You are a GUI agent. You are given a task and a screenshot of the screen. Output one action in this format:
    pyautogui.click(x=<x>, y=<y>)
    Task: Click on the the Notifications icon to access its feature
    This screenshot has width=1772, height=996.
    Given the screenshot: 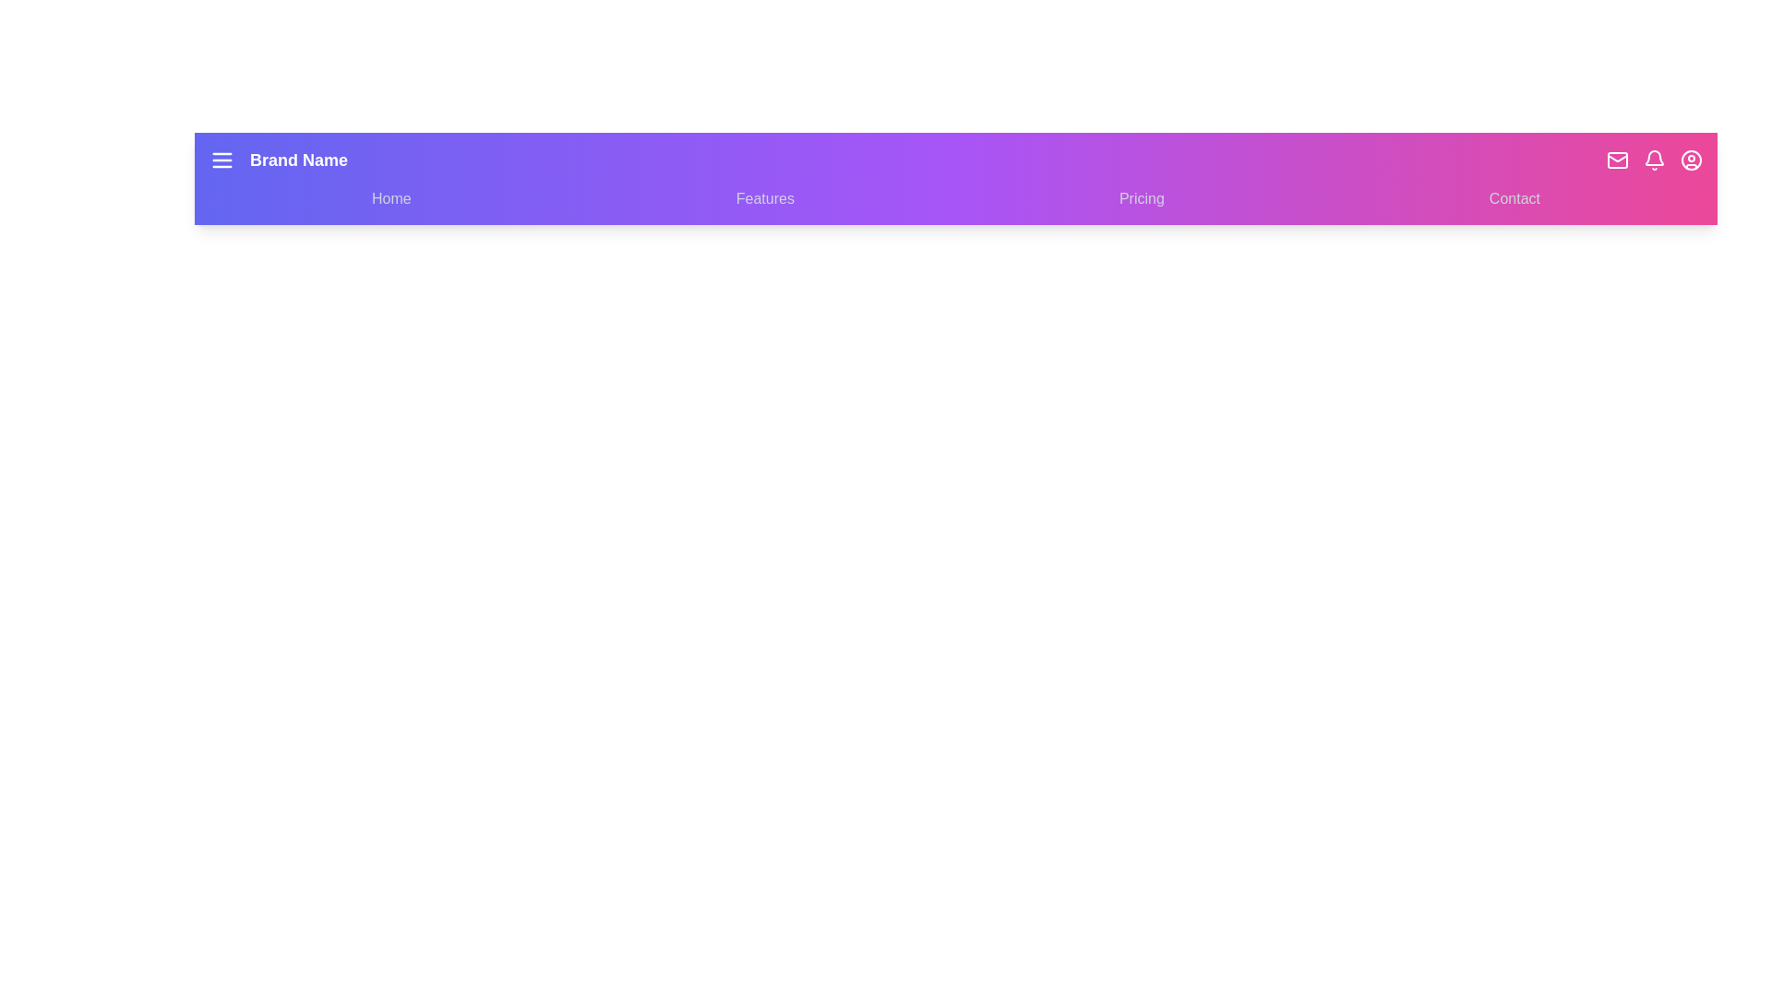 What is the action you would take?
    pyautogui.click(x=1655, y=159)
    